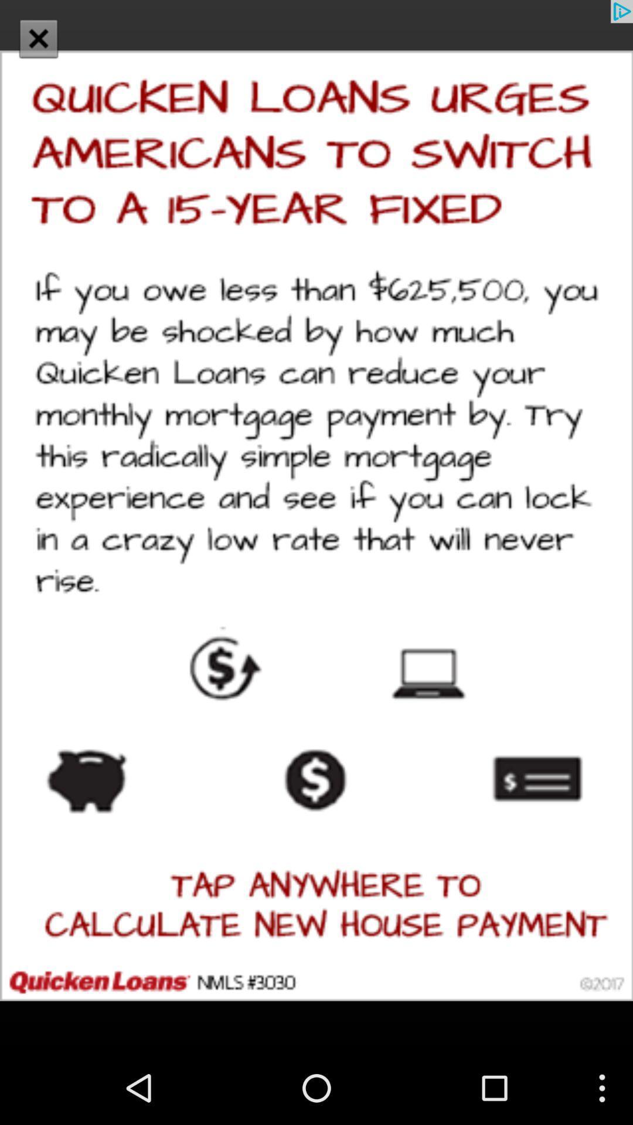 This screenshot has height=1125, width=633. I want to click on the close icon, so click(38, 41).